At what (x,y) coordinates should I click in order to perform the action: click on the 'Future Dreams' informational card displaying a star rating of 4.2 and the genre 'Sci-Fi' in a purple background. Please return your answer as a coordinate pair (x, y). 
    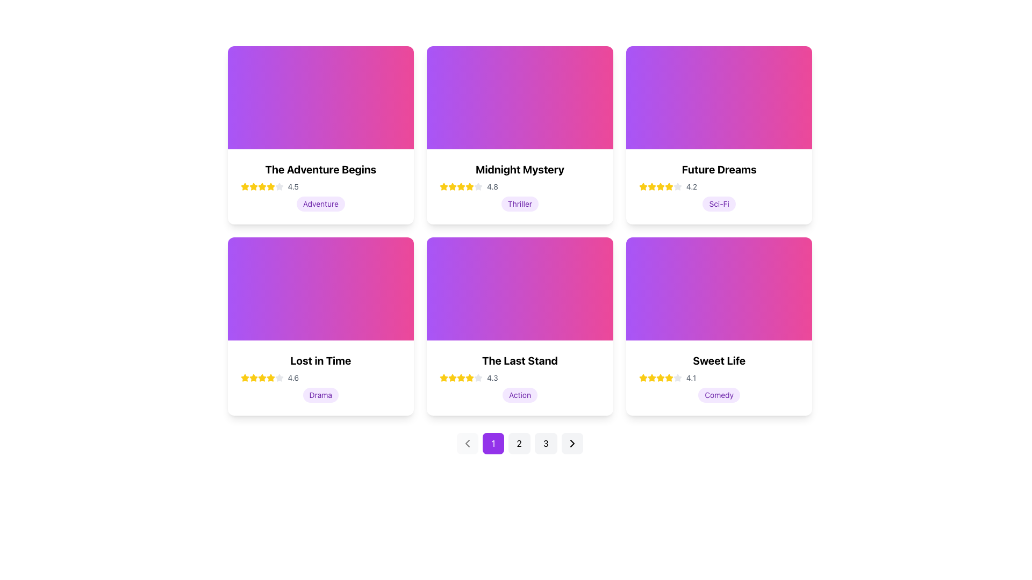
    Looking at the image, I should click on (719, 186).